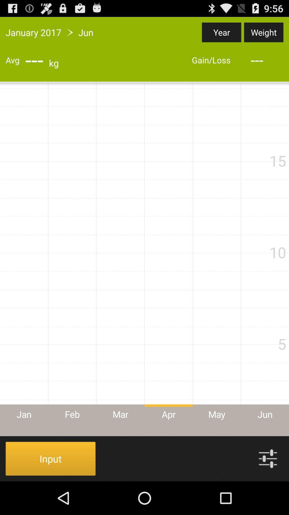 The width and height of the screenshot is (289, 515). What do you see at coordinates (268, 458) in the screenshot?
I see `the item next to the input button` at bounding box center [268, 458].